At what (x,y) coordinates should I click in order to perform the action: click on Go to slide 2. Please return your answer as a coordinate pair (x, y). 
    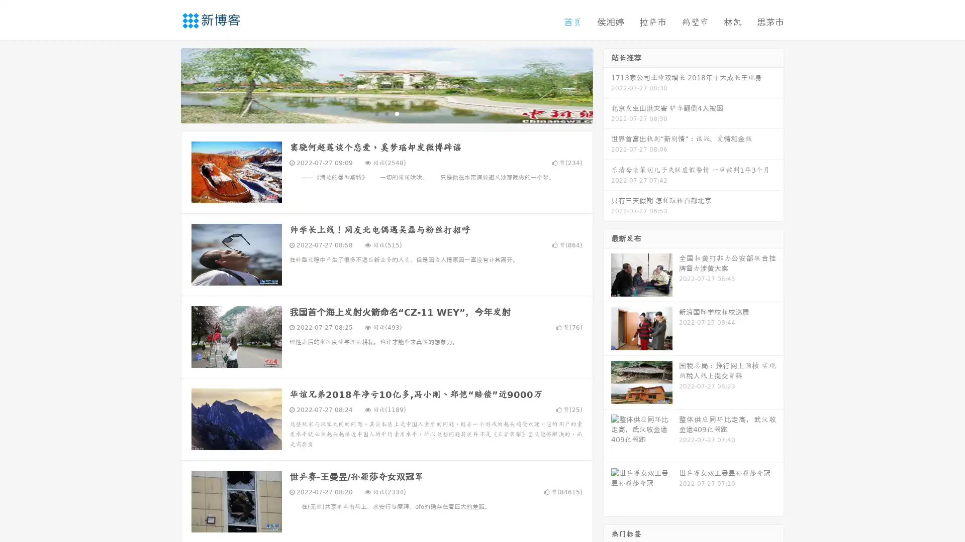
    Looking at the image, I should click on (386, 113).